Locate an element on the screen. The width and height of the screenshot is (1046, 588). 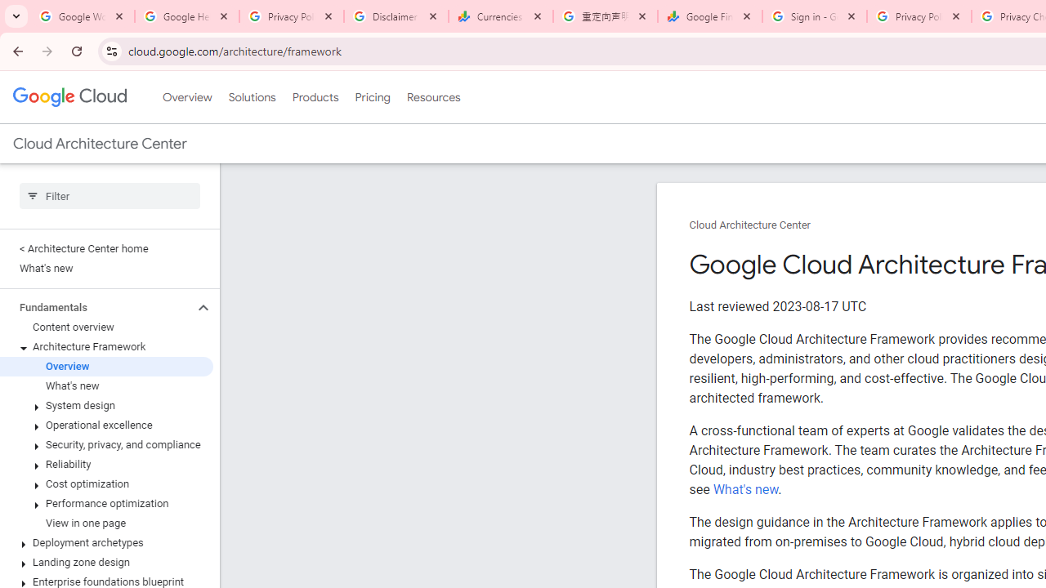
'View in one page' is located at coordinates (105, 523).